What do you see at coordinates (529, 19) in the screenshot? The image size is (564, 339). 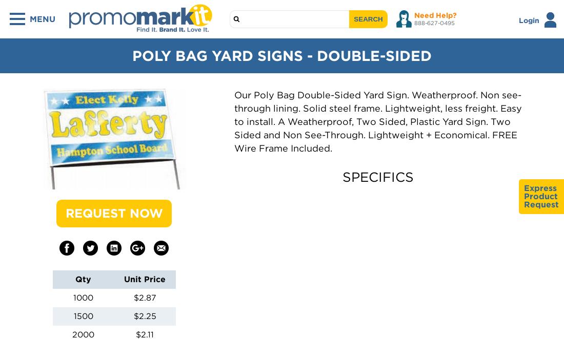 I see `'Login'` at bounding box center [529, 19].